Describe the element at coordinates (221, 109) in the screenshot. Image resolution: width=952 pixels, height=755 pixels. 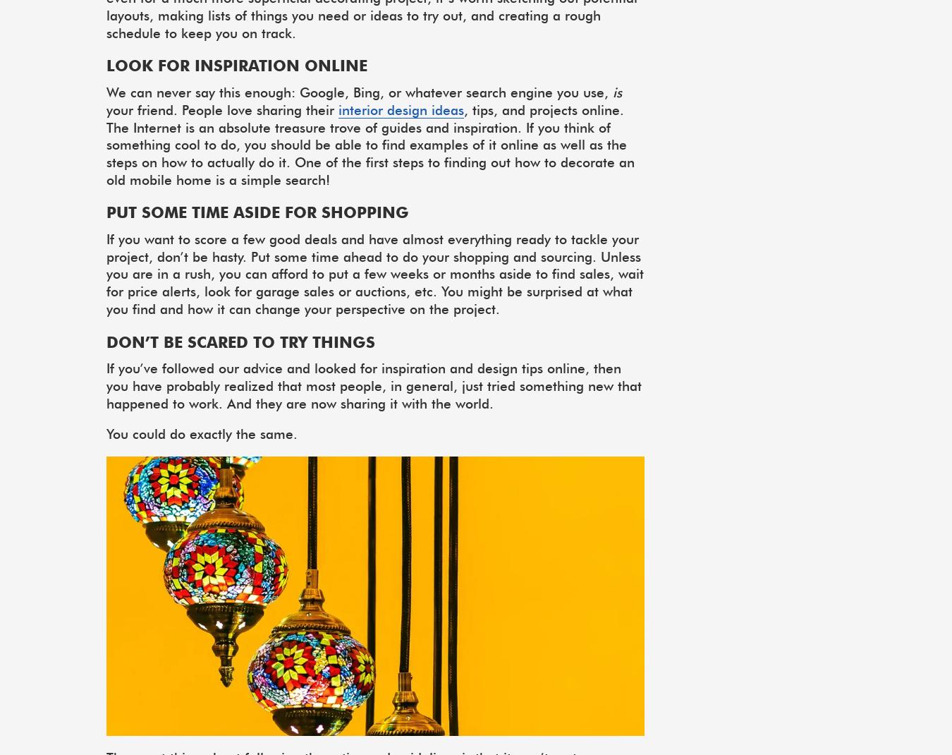
I see `'your friend. People love sharing their'` at that location.